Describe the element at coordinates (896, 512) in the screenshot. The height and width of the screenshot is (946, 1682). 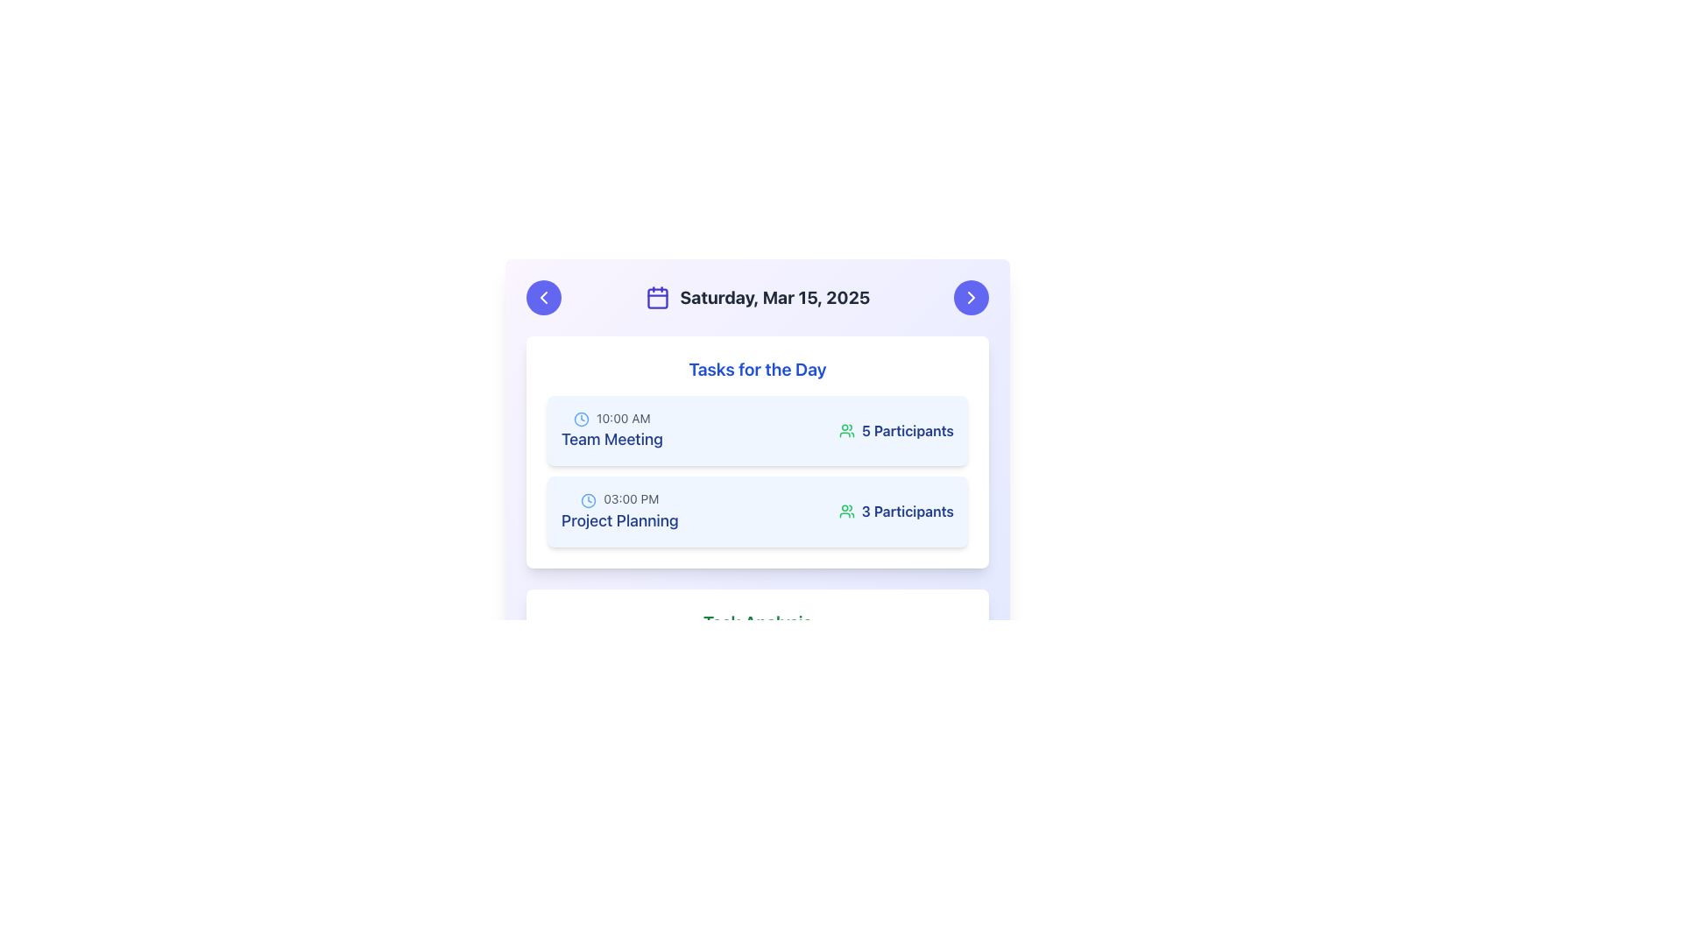
I see `the label displaying '3 Participants' with a green icon of two user figures, located in the bottom right corner of the 'Project Planning' scheduled activity` at that location.